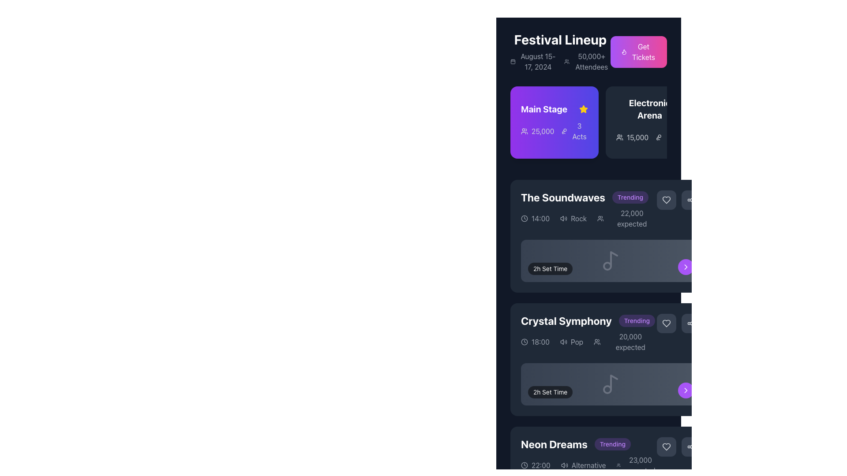 Image resolution: width=847 pixels, height=476 pixels. Describe the element at coordinates (686, 390) in the screenshot. I see `the chevron arrow SVG icon pointing to the right, located in the interactive control area next to the performance detail for 'Crystal Symphony'` at that location.